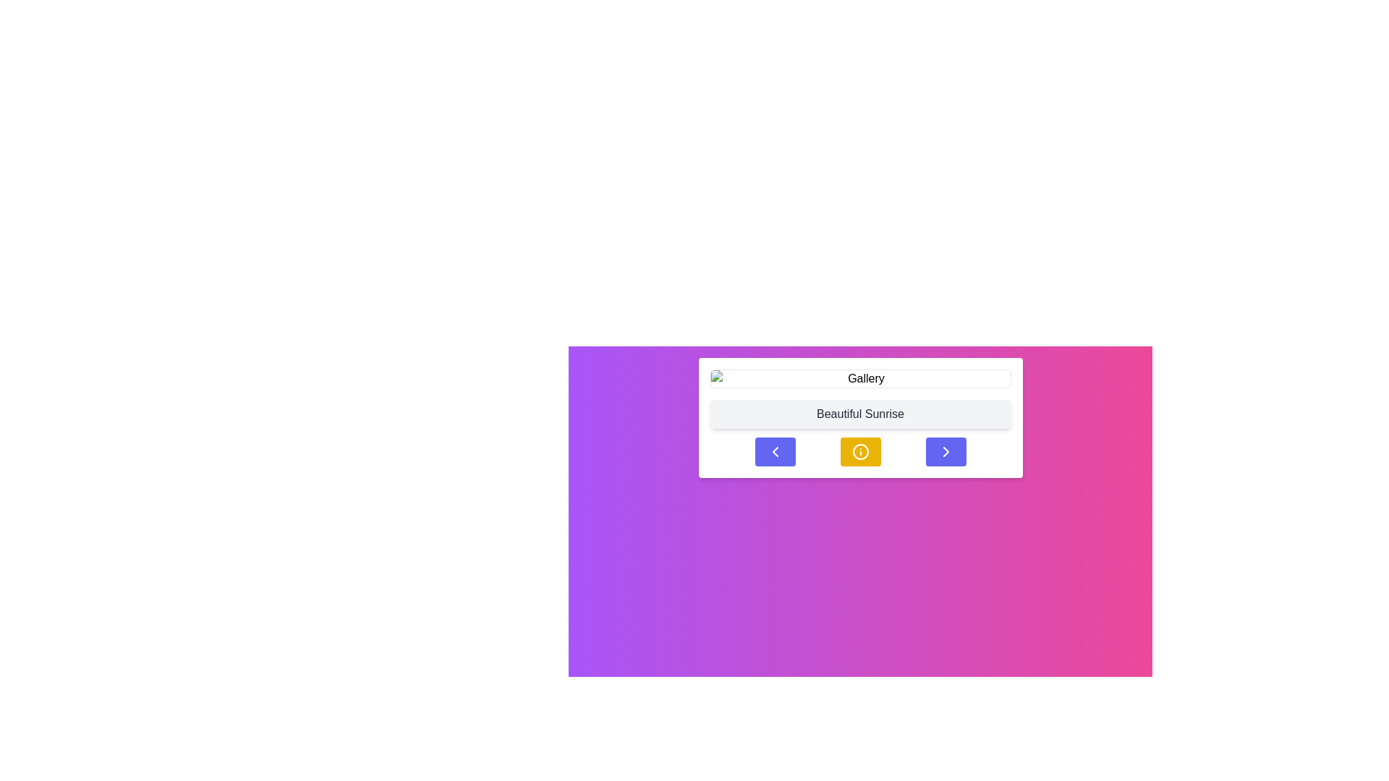 The image size is (1389, 781). I want to click on the leftmost navigation icon in the button group located at the bottom center of the interface, so click(774, 451).